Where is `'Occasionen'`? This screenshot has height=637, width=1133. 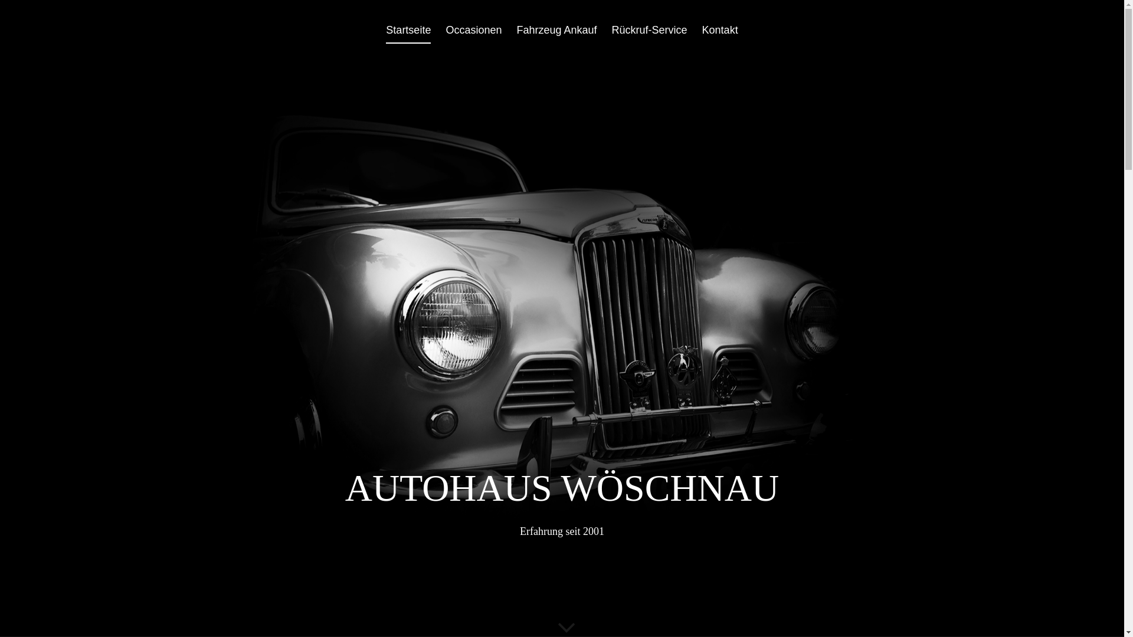
'Occasionen' is located at coordinates (444, 33).